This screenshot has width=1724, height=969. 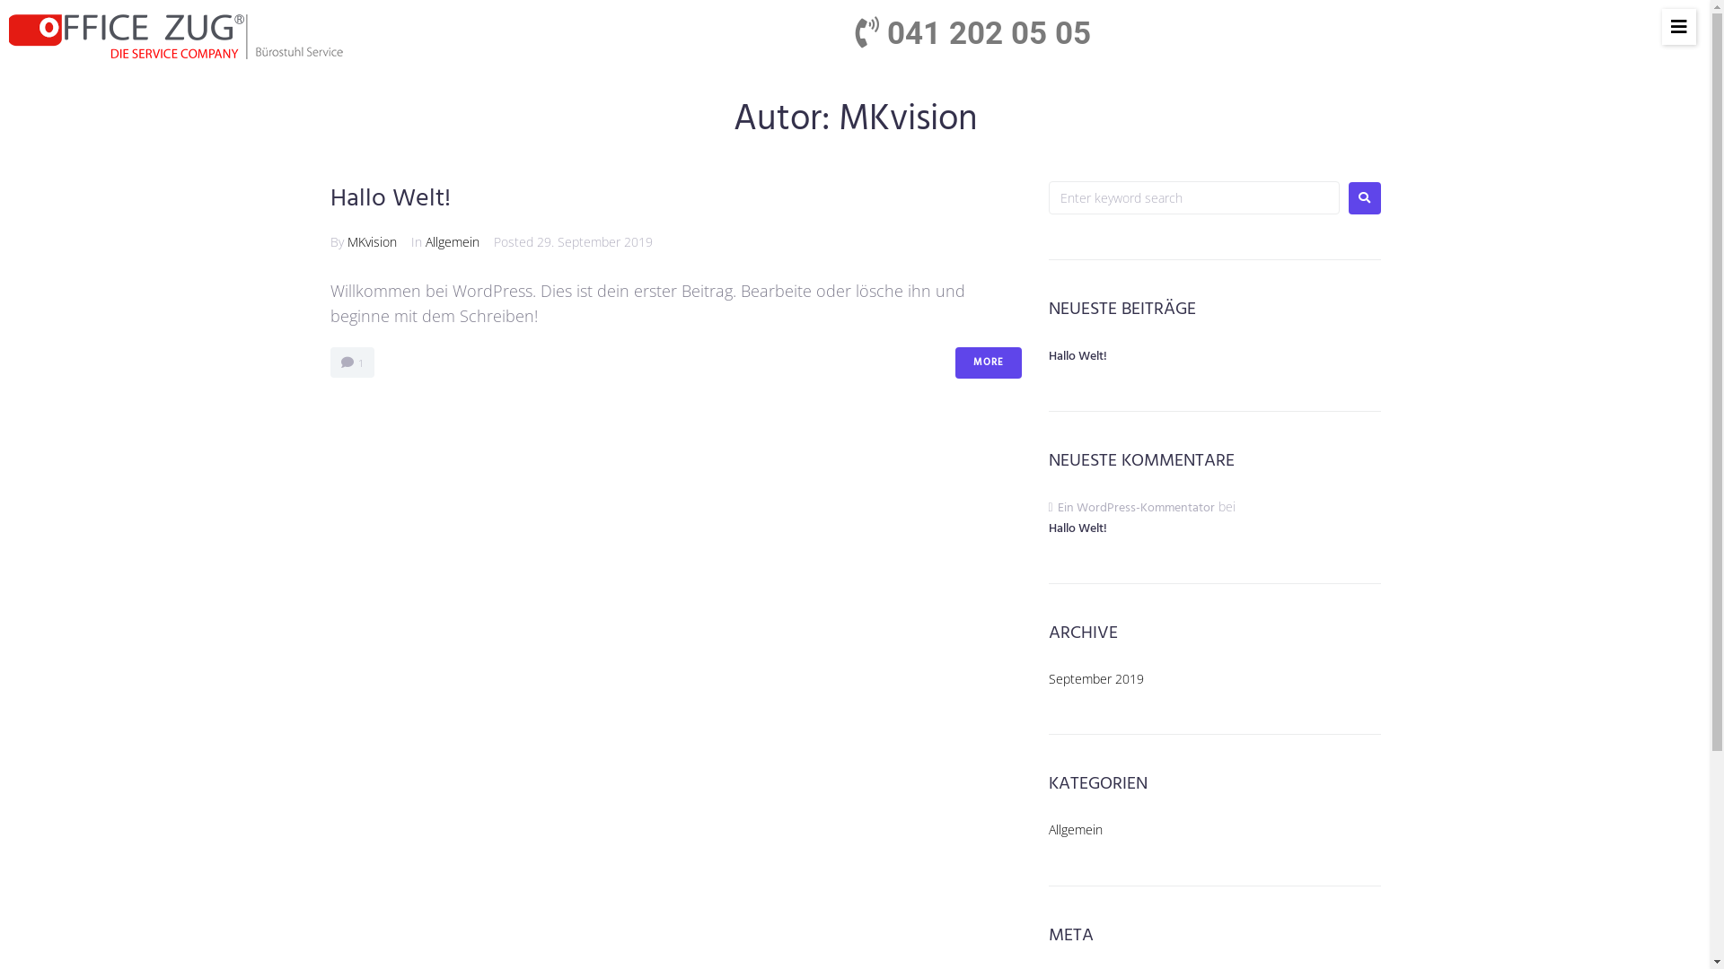 I want to click on 'Hallo Welt!', so click(x=390, y=198).